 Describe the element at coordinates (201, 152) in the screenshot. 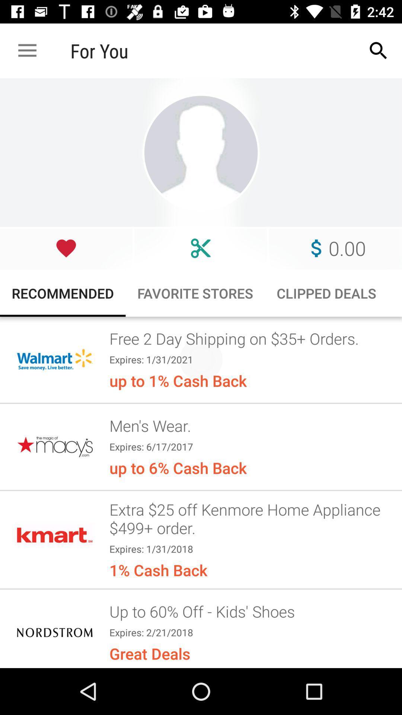

I see `visit their profile` at that location.